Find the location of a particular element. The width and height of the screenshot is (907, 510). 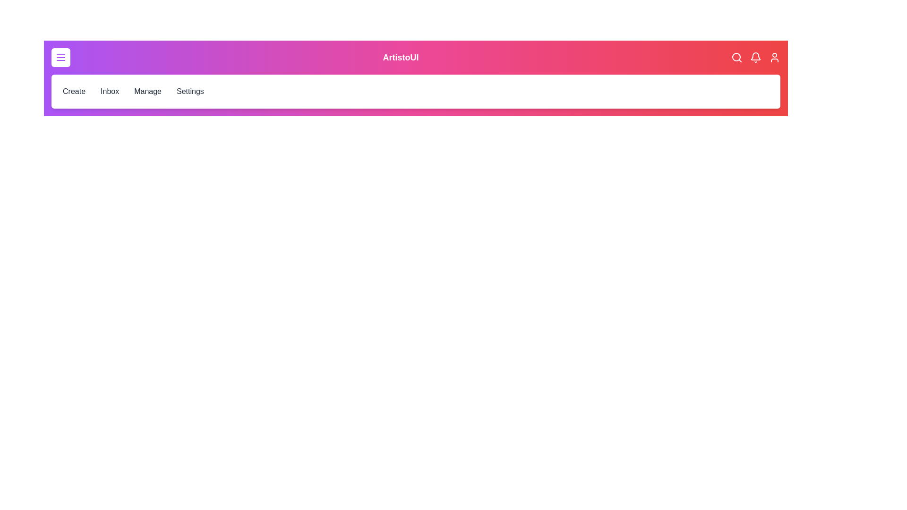

the Inbox menu item is located at coordinates (109, 91).